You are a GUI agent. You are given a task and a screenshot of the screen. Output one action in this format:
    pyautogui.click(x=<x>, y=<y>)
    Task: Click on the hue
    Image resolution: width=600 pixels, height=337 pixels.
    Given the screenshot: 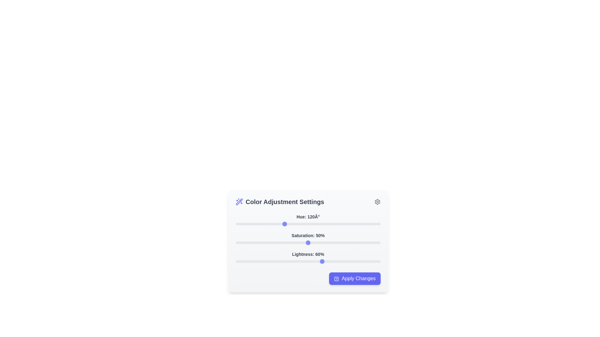 What is the action you would take?
    pyautogui.click(x=313, y=223)
    